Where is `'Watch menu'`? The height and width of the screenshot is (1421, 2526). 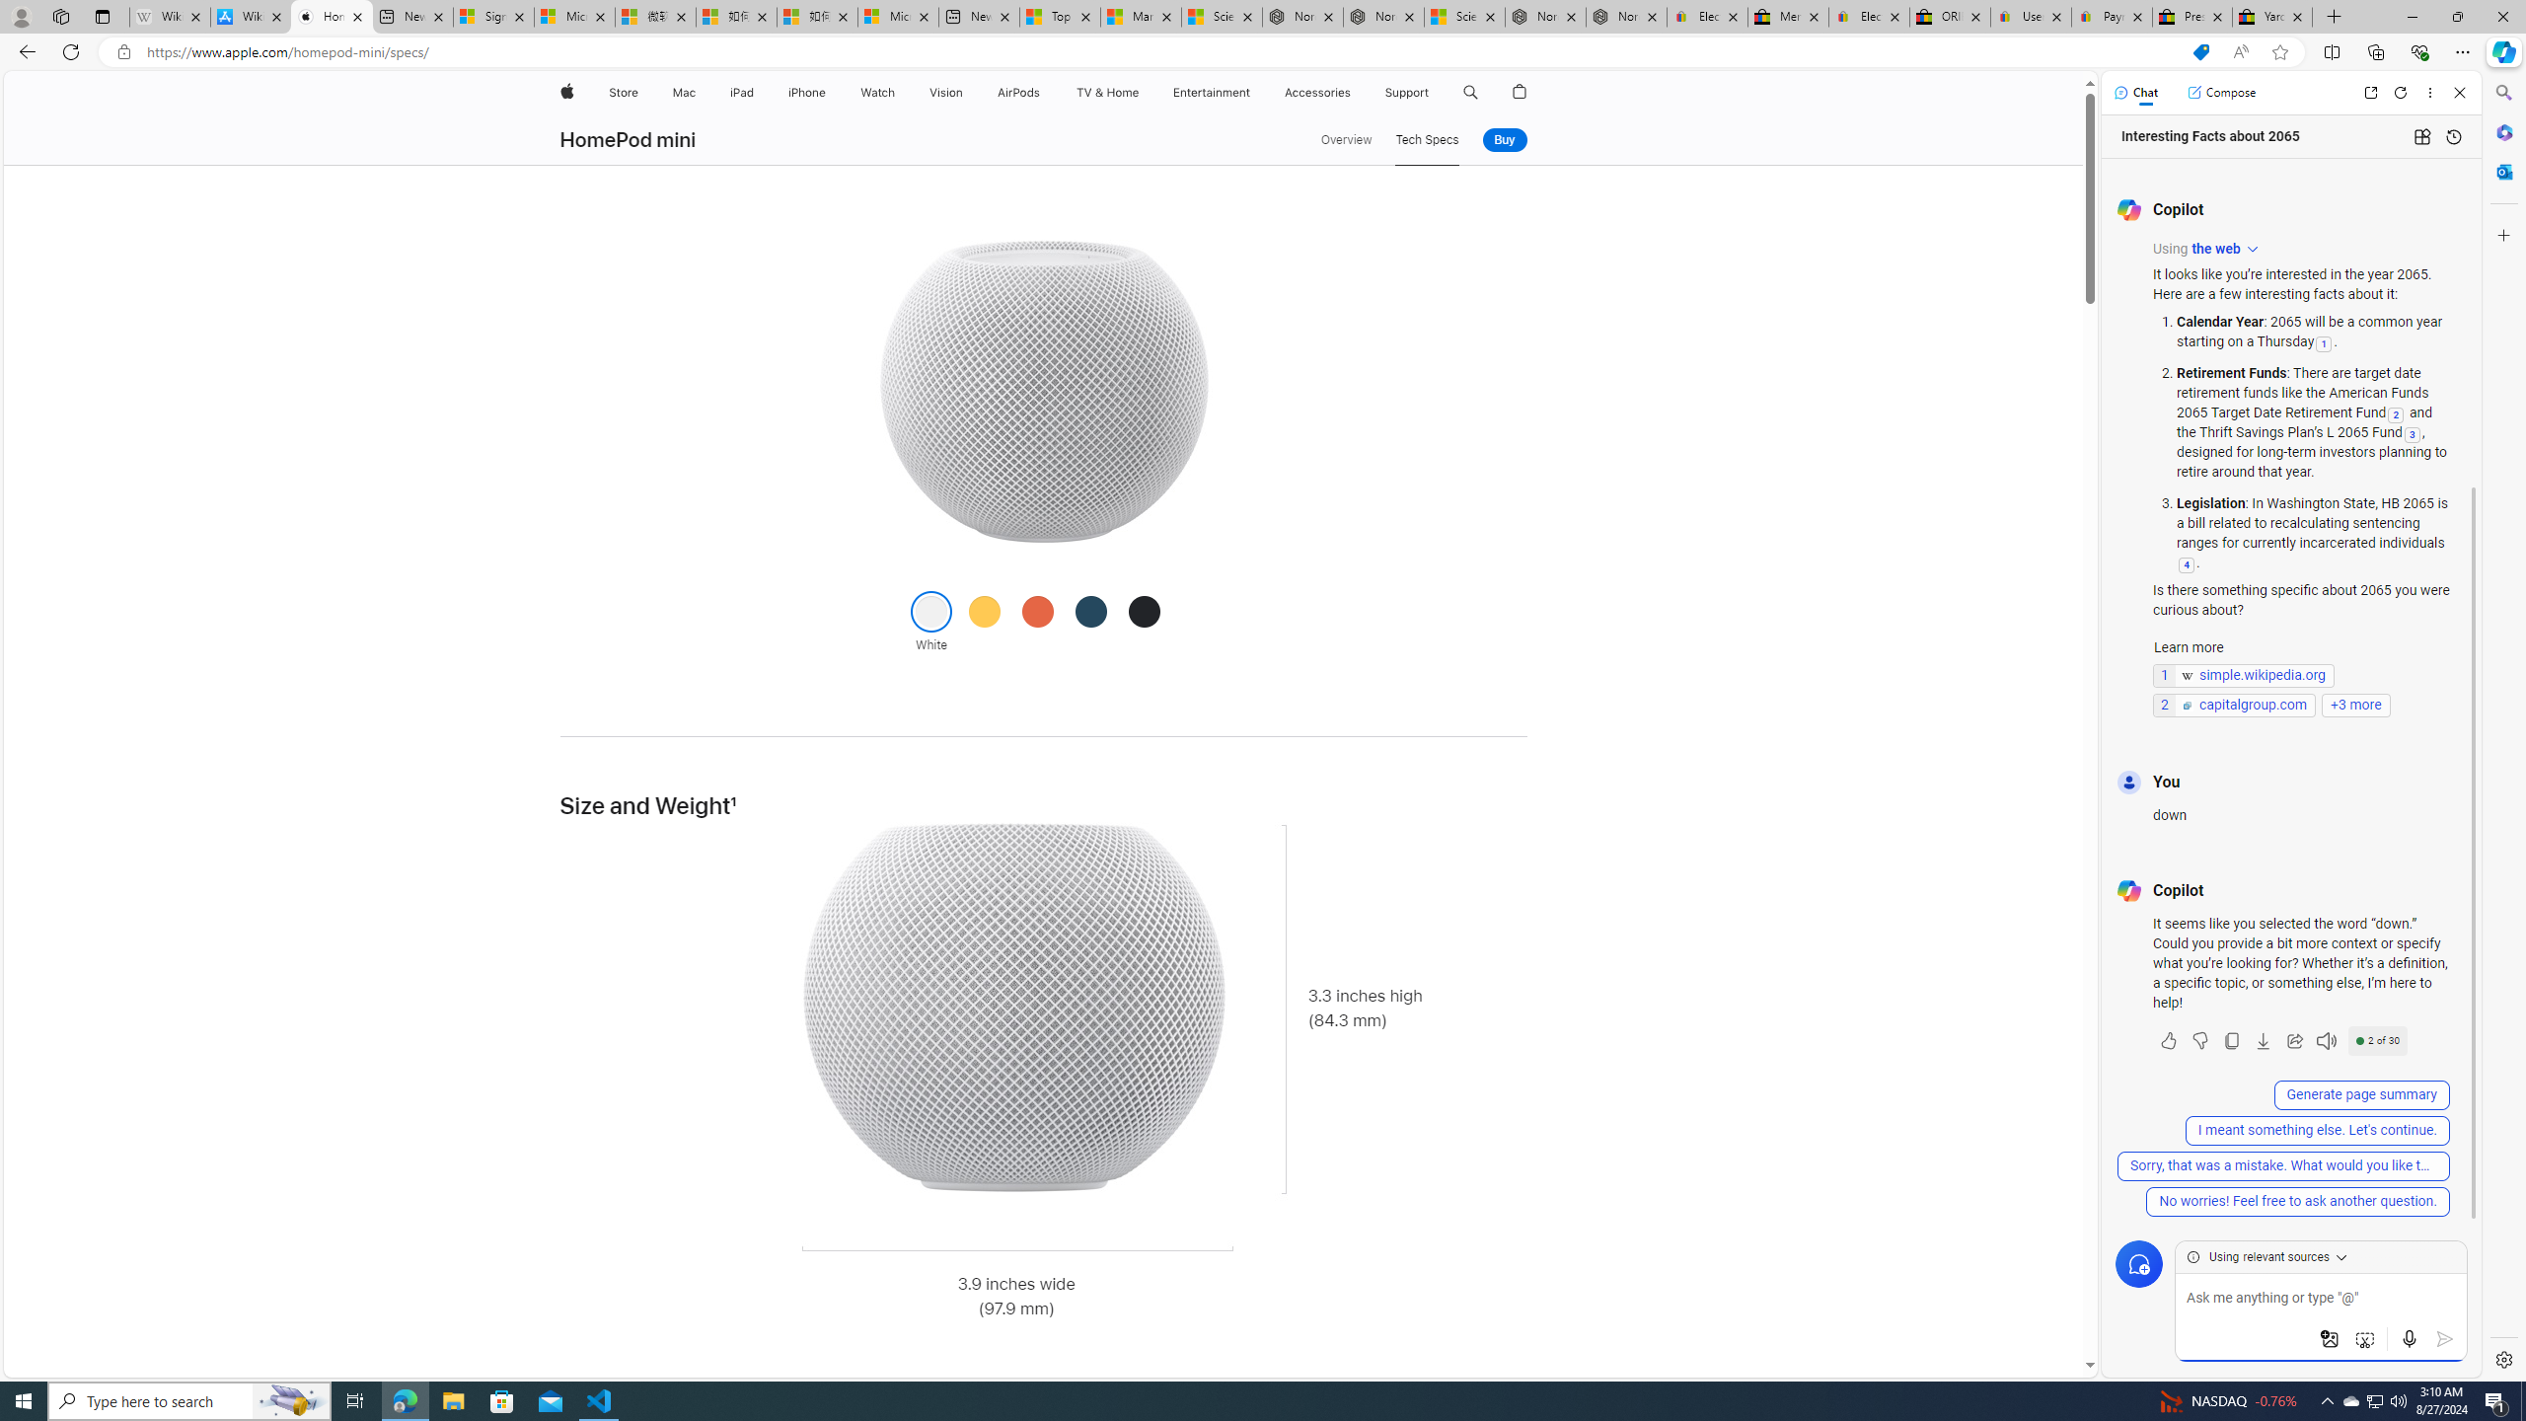
'Watch menu' is located at coordinates (900, 92).